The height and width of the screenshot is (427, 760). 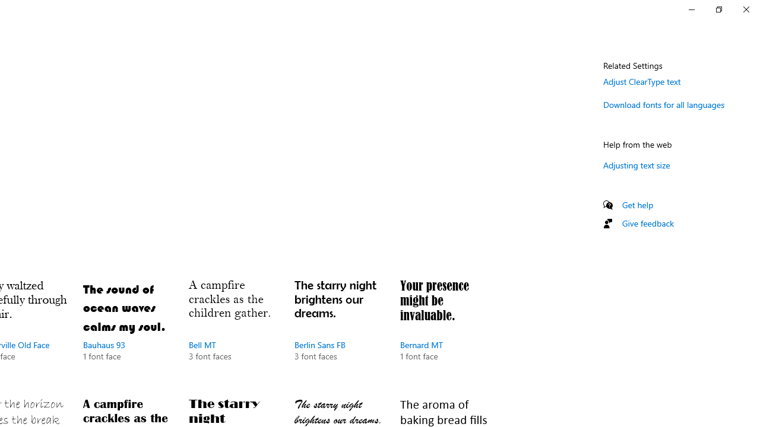 What do you see at coordinates (663, 104) in the screenshot?
I see `'Download fonts for all languages'` at bounding box center [663, 104].